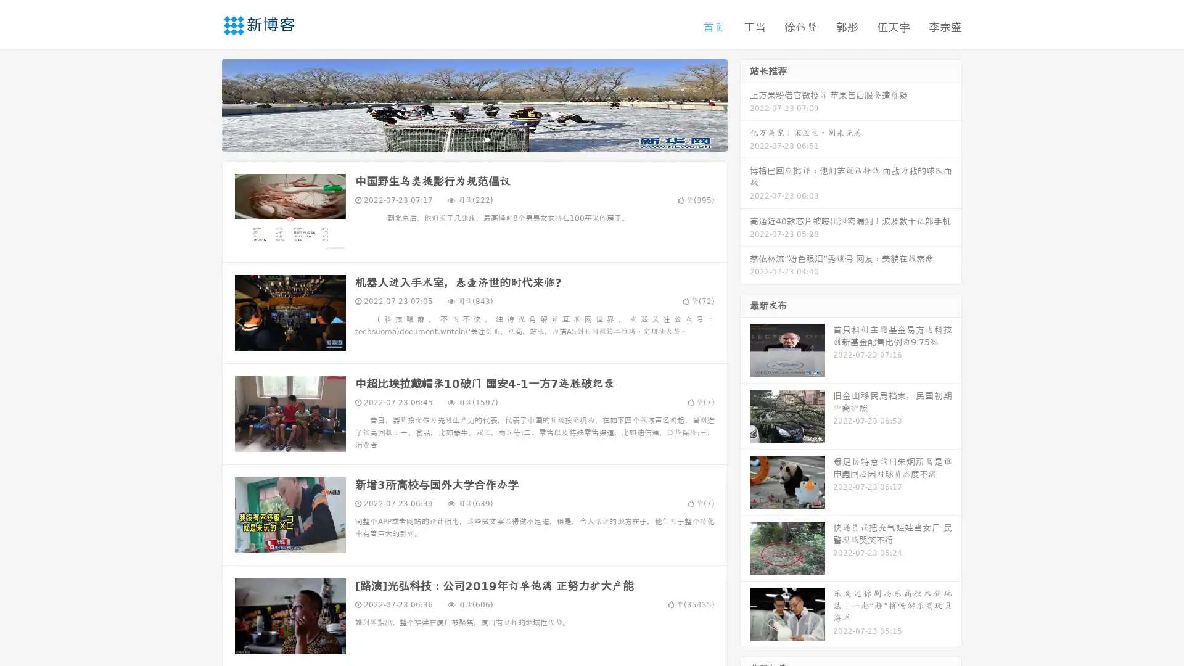 This screenshot has width=1184, height=666. Describe the element at coordinates (203, 104) in the screenshot. I see `Previous slide` at that location.